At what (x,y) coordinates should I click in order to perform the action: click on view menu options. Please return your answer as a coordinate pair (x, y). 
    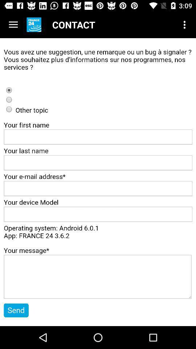
    Looking at the image, I should click on (13, 25).